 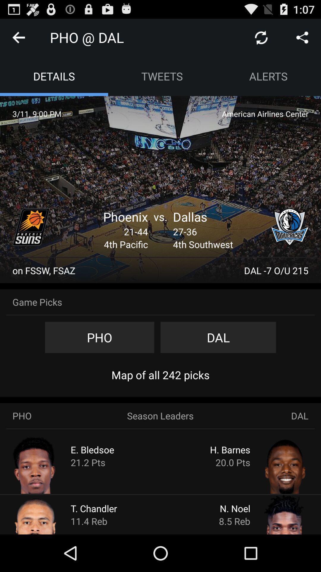 I want to click on refresh page, so click(x=261, y=37).